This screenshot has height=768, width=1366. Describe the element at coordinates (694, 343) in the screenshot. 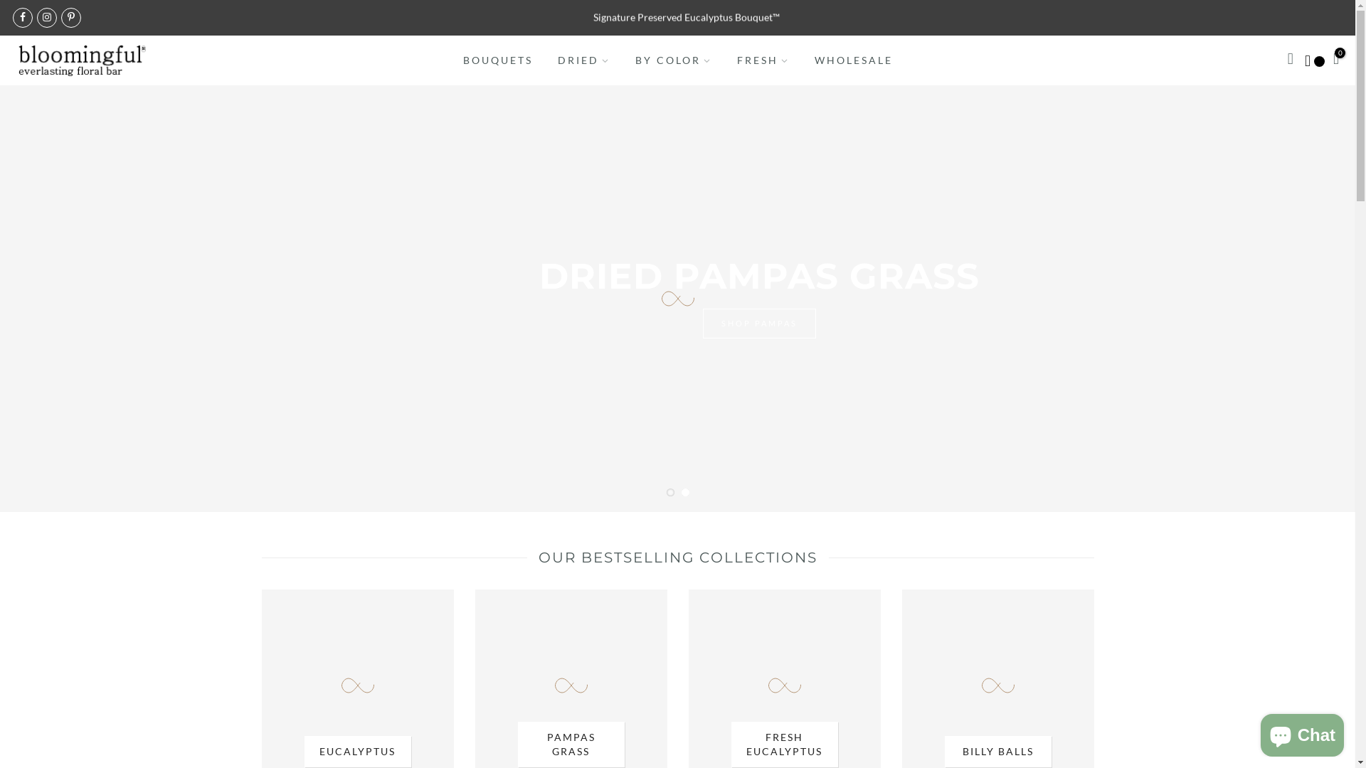

I see `'SHOP PAMPAS'` at that location.